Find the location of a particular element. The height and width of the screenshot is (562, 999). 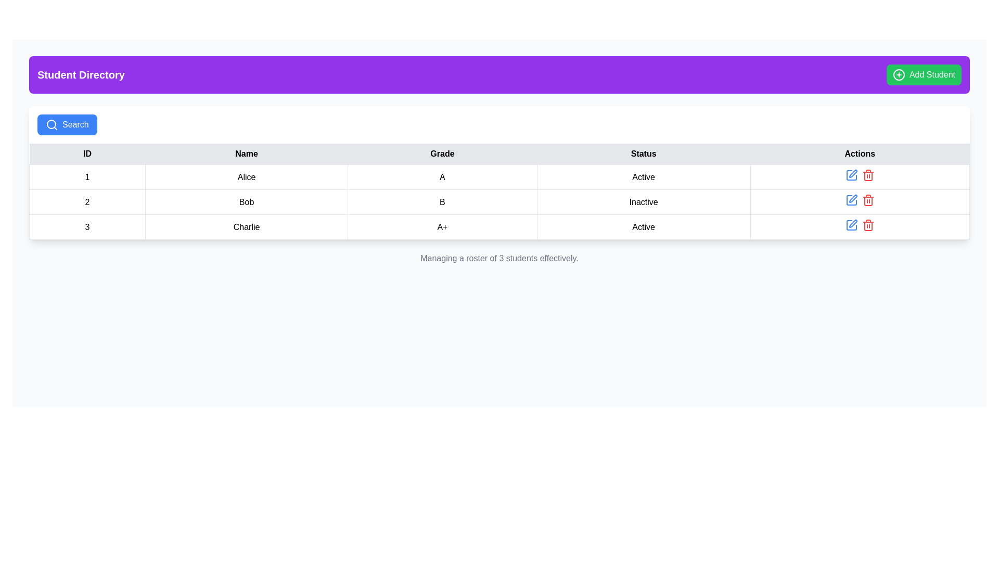

the third cell in the 'Grade' column of the student directory table, which displays the grade of a student in the third row is located at coordinates (442, 226).